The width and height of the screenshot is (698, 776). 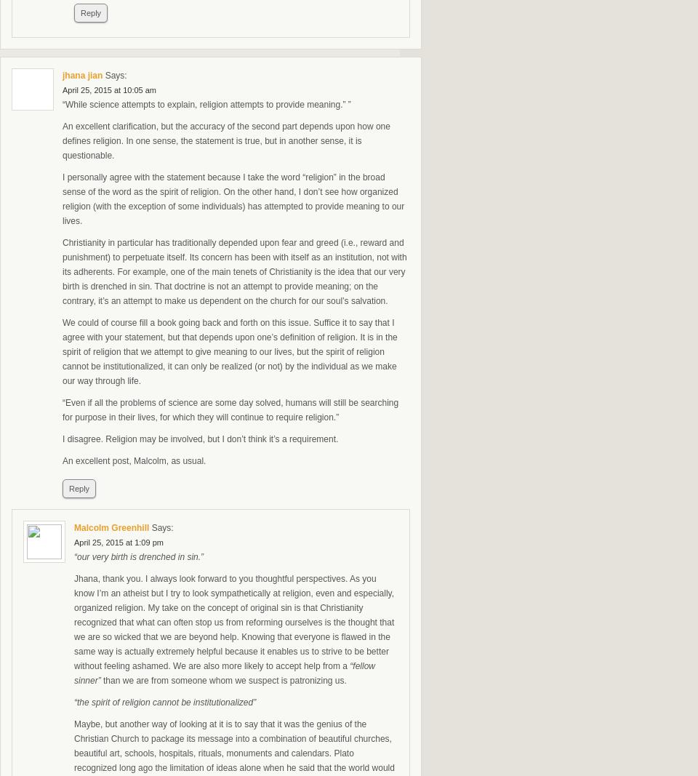 What do you see at coordinates (82, 75) in the screenshot?
I see `'jhana jian'` at bounding box center [82, 75].